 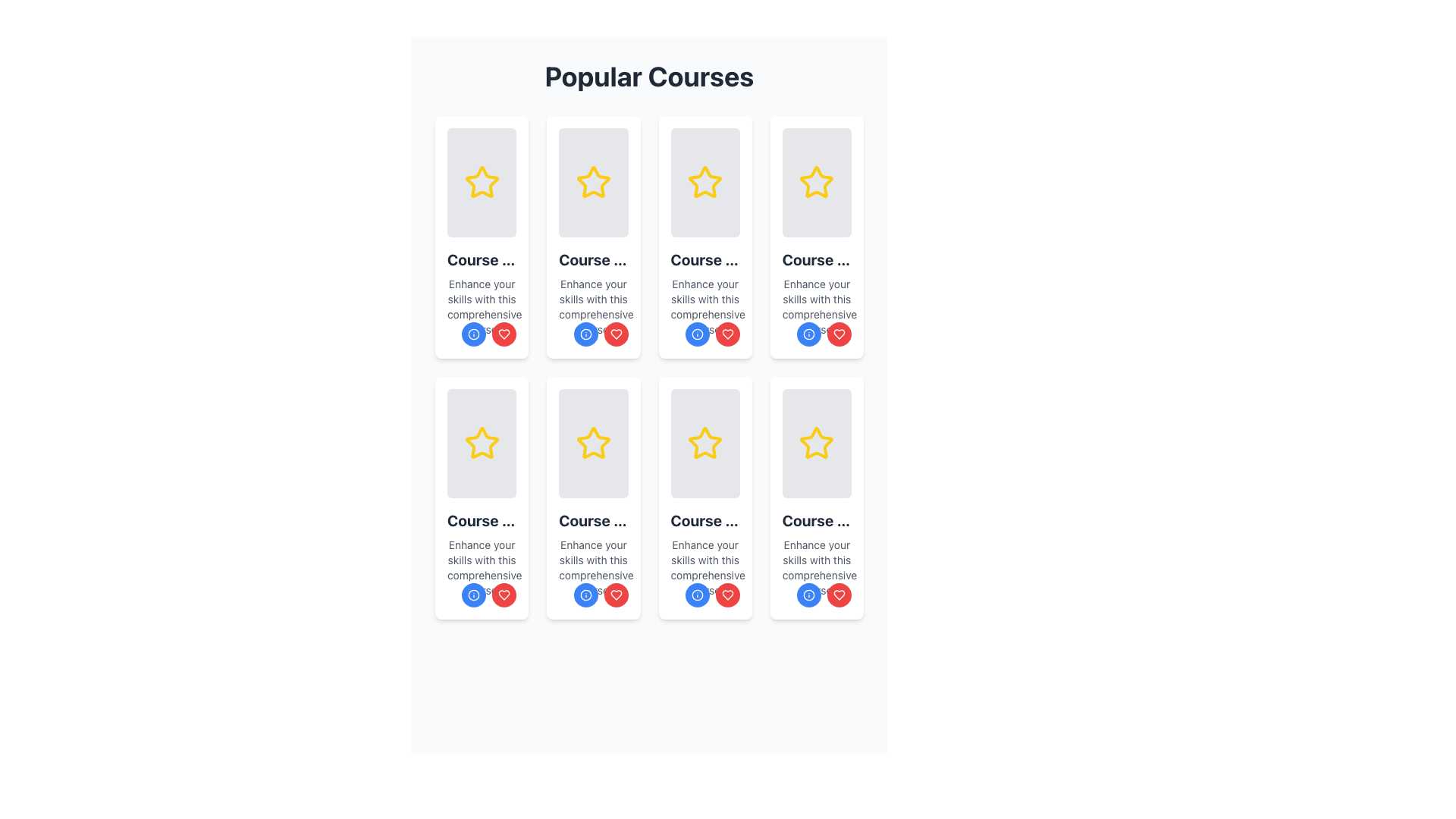 What do you see at coordinates (839, 595) in the screenshot?
I see `the heart-like icon` at bounding box center [839, 595].